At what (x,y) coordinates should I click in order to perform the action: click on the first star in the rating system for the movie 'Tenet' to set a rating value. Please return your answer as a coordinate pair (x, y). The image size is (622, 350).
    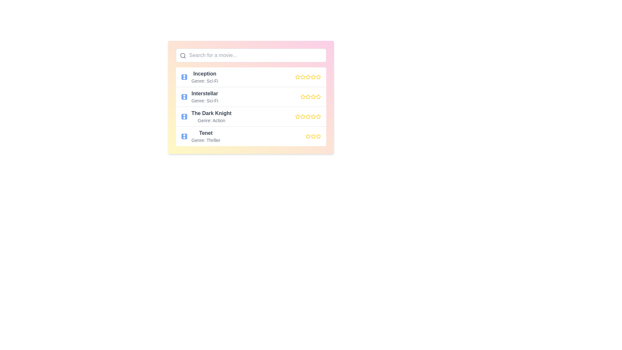
    Looking at the image, I should click on (307, 136).